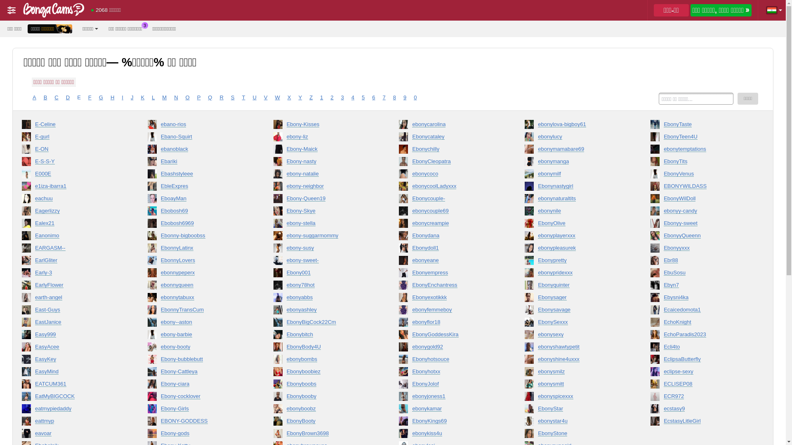 The image size is (792, 445). Describe the element at coordinates (73, 237) in the screenshot. I see `'Eanonimo'` at that location.